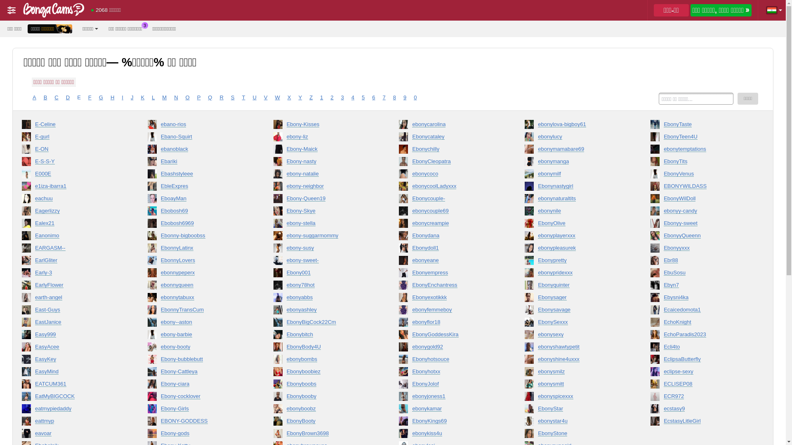 The image size is (792, 445). Describe the element at coordinates (73, 237) in the screenshot. I see `'Eanonimo'` at that location.